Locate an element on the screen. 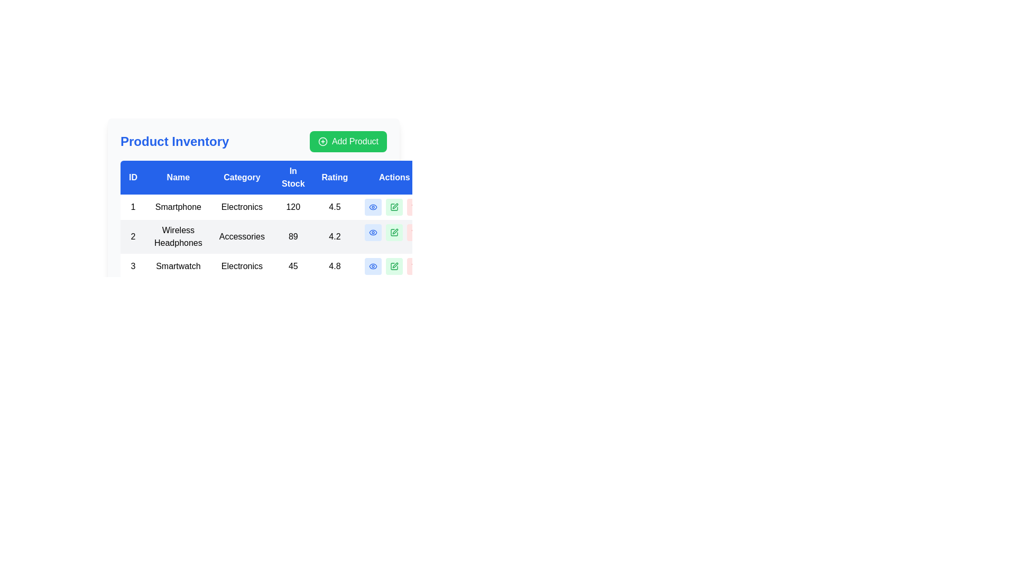  the small light blue button with a blue eye icon located under the 'Actions' column of the second row labeled 'Wireless Headphones' is located at coordinates (373, 232).